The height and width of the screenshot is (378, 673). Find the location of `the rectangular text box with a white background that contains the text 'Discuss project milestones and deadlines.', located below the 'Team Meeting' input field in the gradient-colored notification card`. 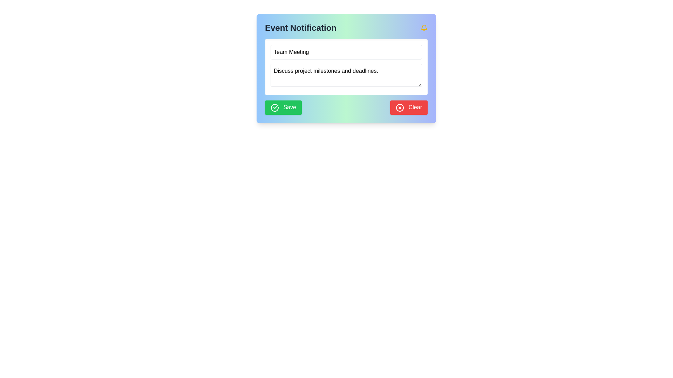

the rectangular text box with a white background that contains the text 'Discuss project milestones and deadlines.', located below the 'Team Meeting' input field in the gradient-colored notification card is located at coordinates (346, 67).